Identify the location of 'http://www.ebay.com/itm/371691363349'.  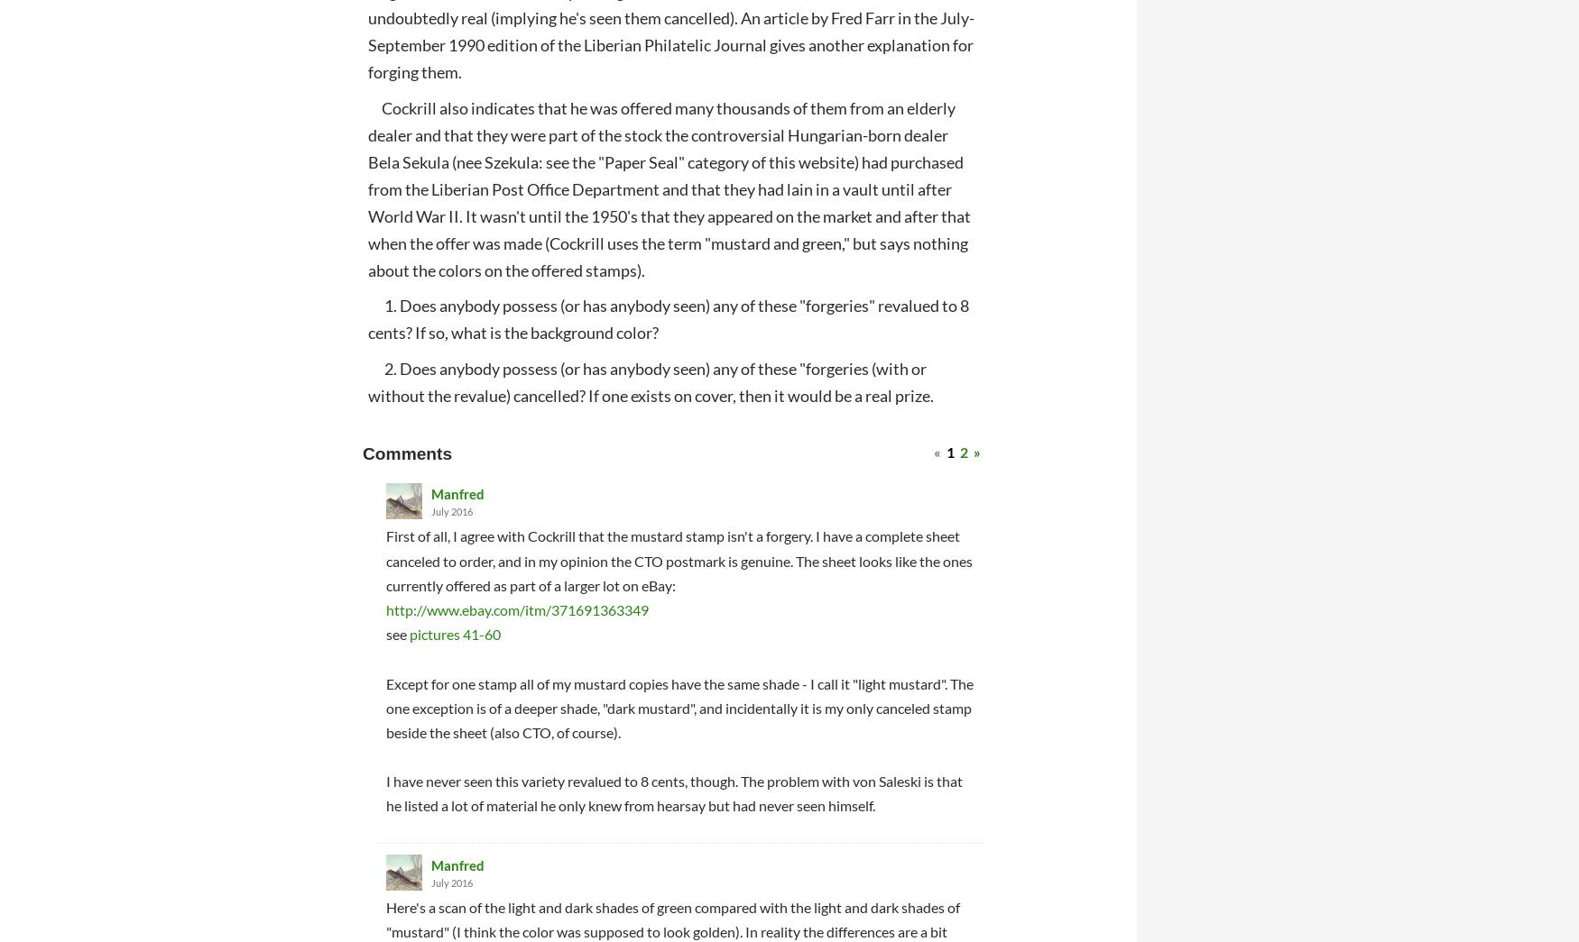
(385, 608).